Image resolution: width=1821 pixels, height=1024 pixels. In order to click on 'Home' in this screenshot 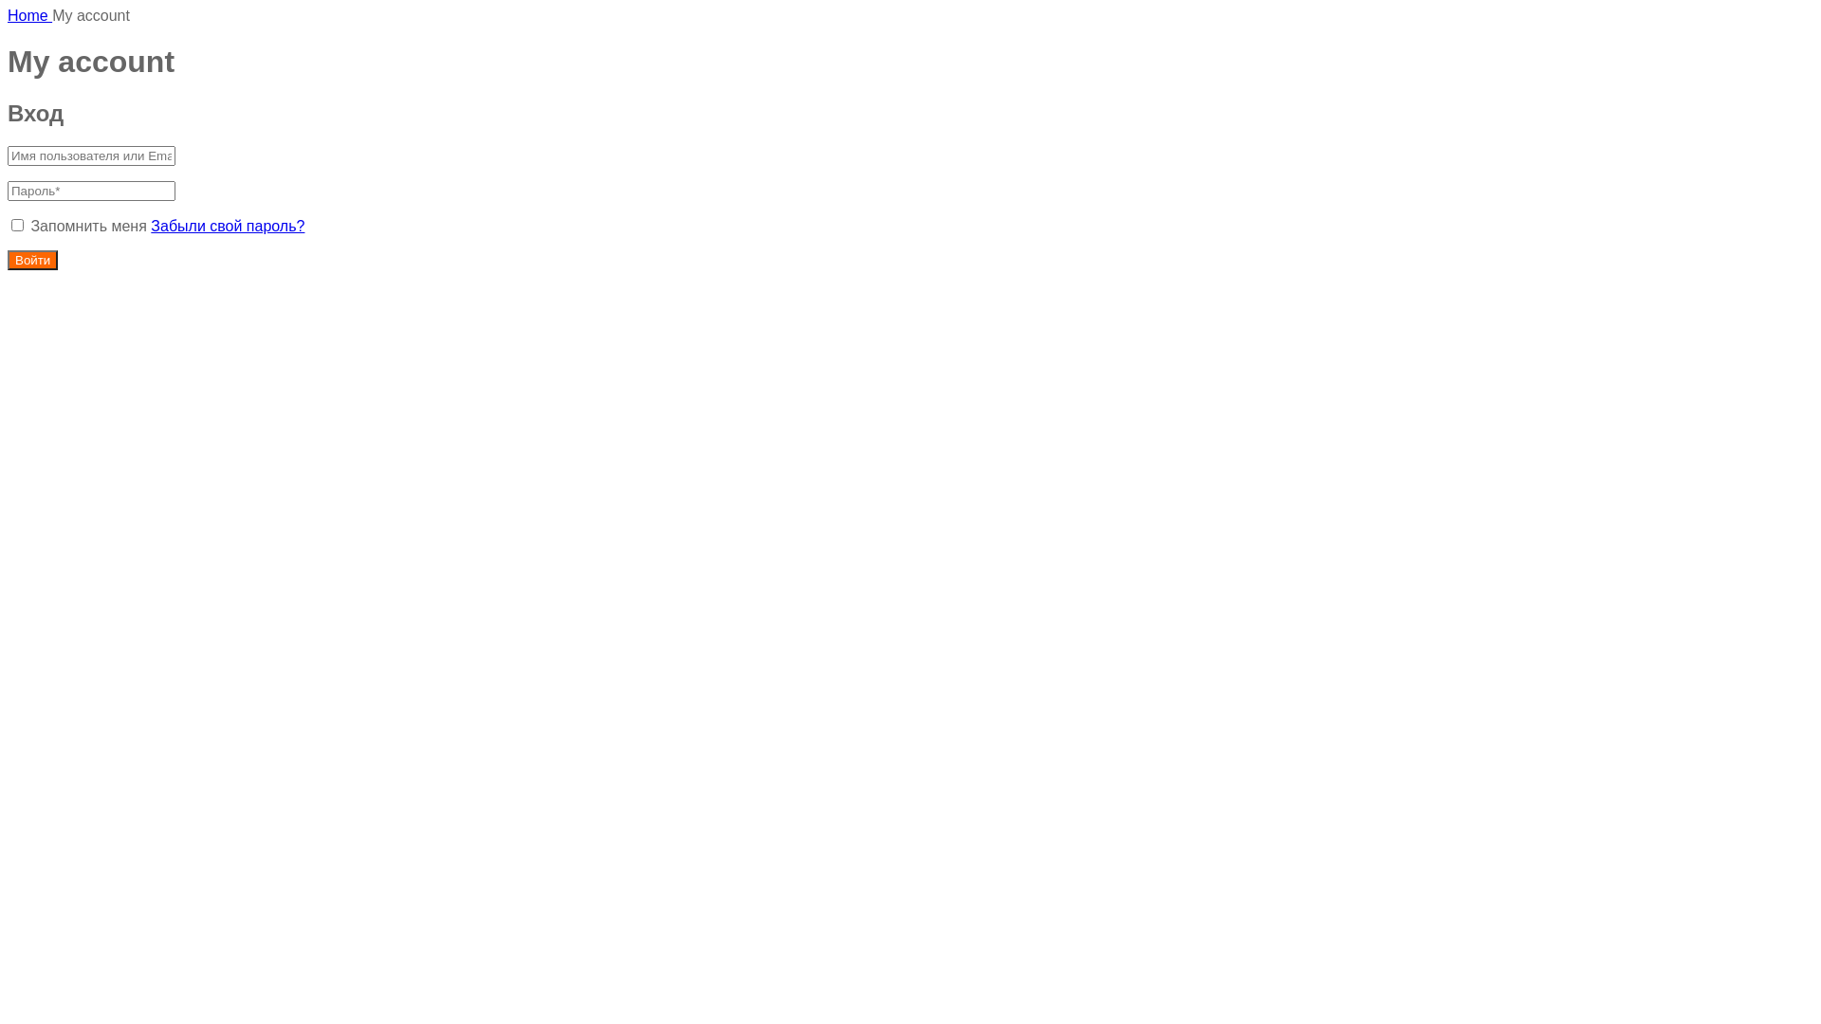, I will do `click(29, 15)`.